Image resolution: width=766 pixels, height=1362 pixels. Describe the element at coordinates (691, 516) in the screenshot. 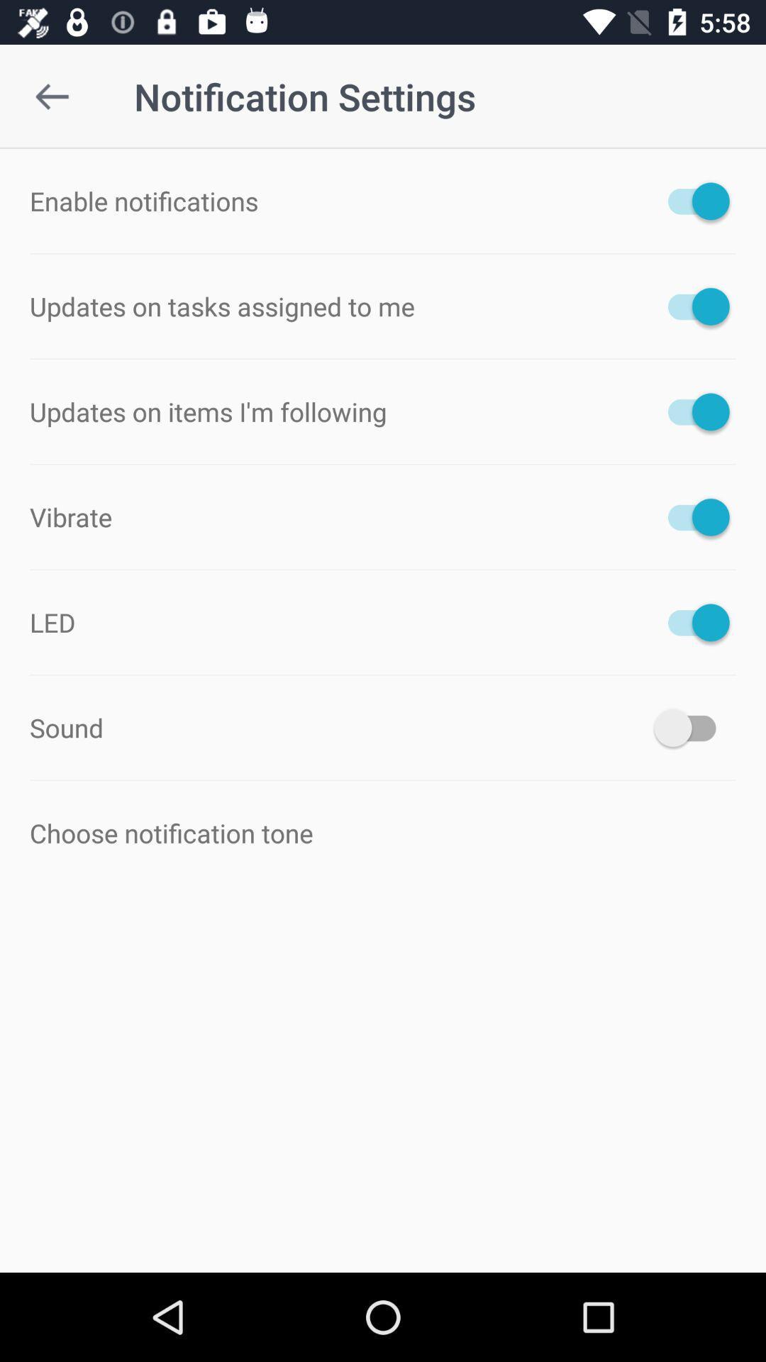

I see `on` at that location.